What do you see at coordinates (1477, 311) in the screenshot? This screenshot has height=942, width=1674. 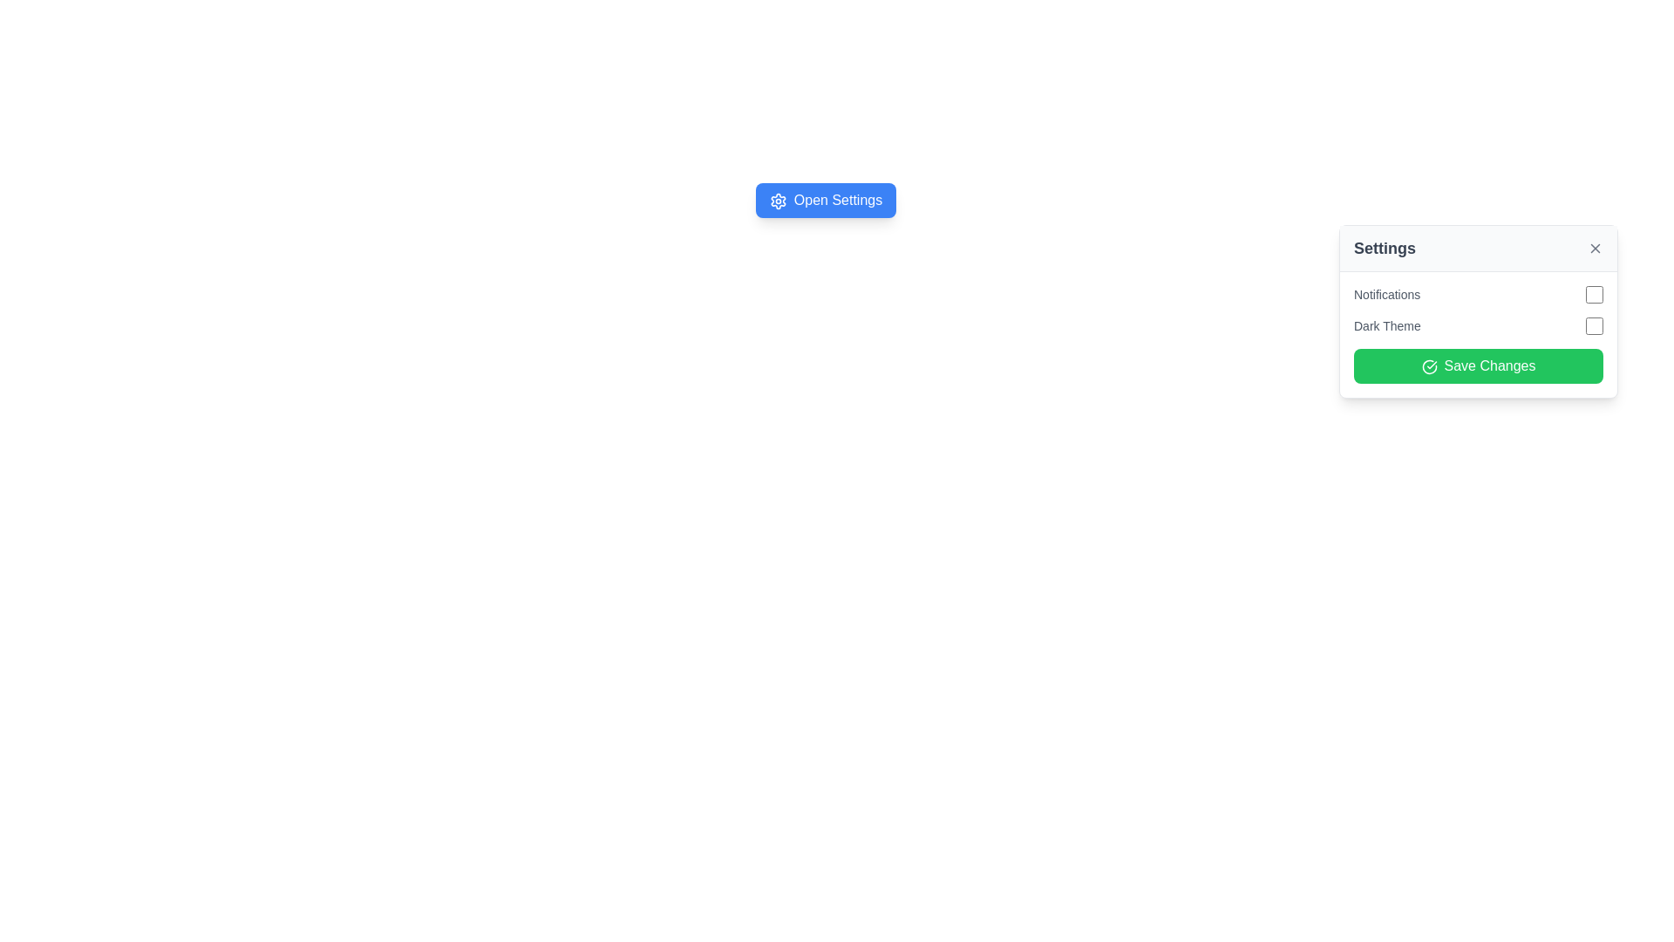 I see `the 'Dark Theme' checkbox in the settings modal that allows users` at bounding box center [1477, 311].